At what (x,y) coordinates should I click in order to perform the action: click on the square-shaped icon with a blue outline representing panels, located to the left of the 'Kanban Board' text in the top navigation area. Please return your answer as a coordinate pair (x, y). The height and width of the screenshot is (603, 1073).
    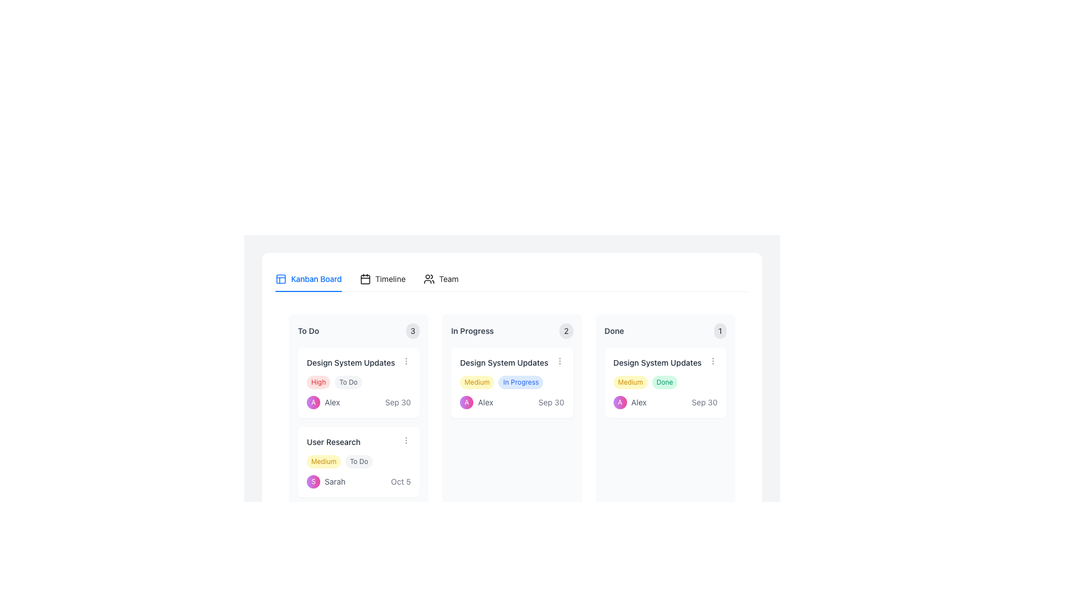
    Looking at the image, I should click on (281, 279).